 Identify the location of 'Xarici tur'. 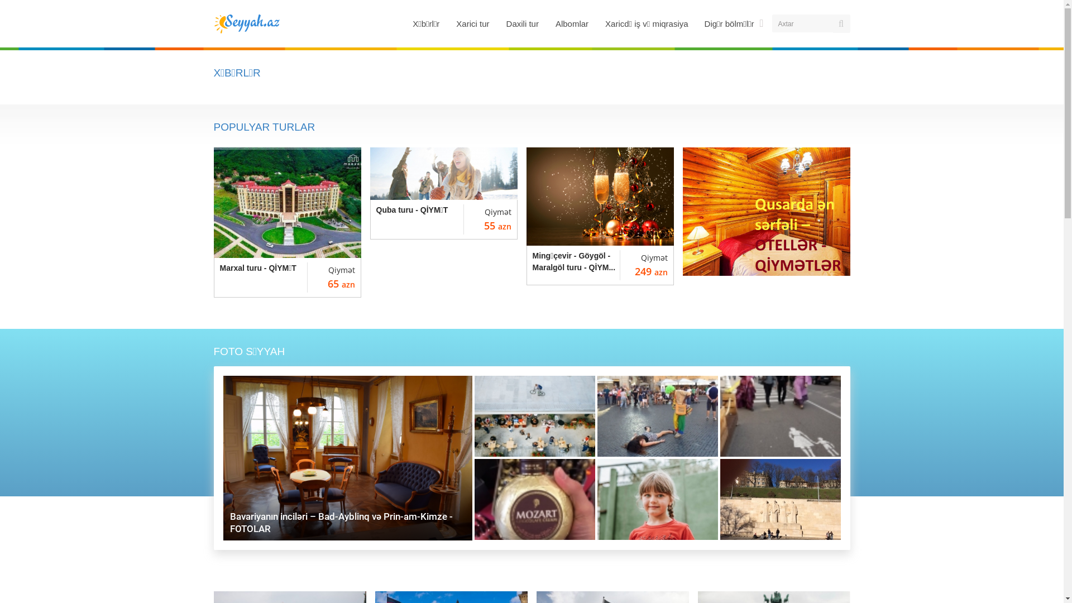
(472, 23).